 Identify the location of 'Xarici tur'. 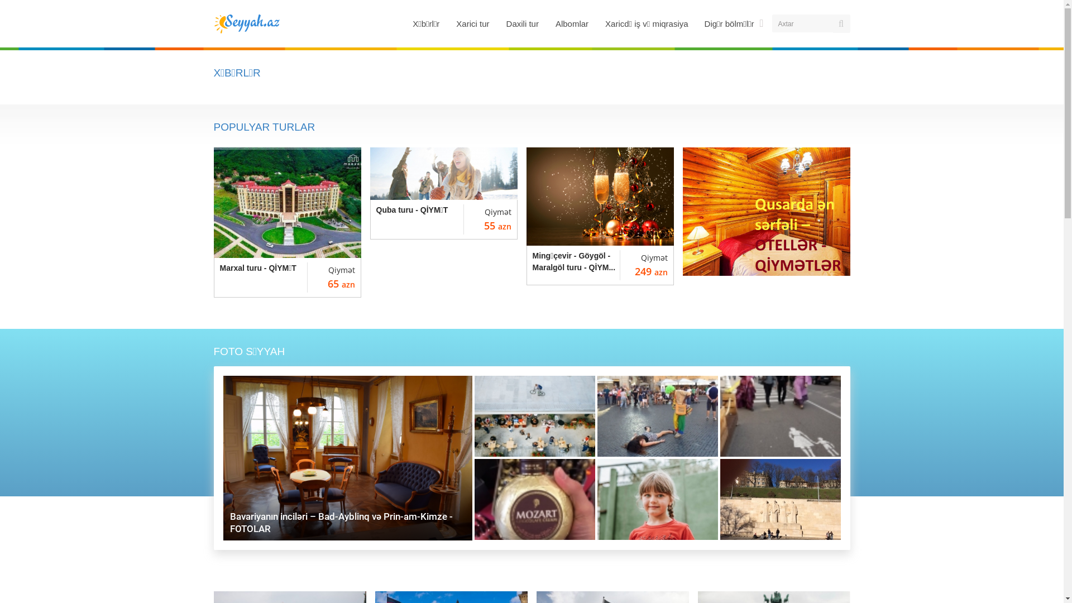
(472, 23).